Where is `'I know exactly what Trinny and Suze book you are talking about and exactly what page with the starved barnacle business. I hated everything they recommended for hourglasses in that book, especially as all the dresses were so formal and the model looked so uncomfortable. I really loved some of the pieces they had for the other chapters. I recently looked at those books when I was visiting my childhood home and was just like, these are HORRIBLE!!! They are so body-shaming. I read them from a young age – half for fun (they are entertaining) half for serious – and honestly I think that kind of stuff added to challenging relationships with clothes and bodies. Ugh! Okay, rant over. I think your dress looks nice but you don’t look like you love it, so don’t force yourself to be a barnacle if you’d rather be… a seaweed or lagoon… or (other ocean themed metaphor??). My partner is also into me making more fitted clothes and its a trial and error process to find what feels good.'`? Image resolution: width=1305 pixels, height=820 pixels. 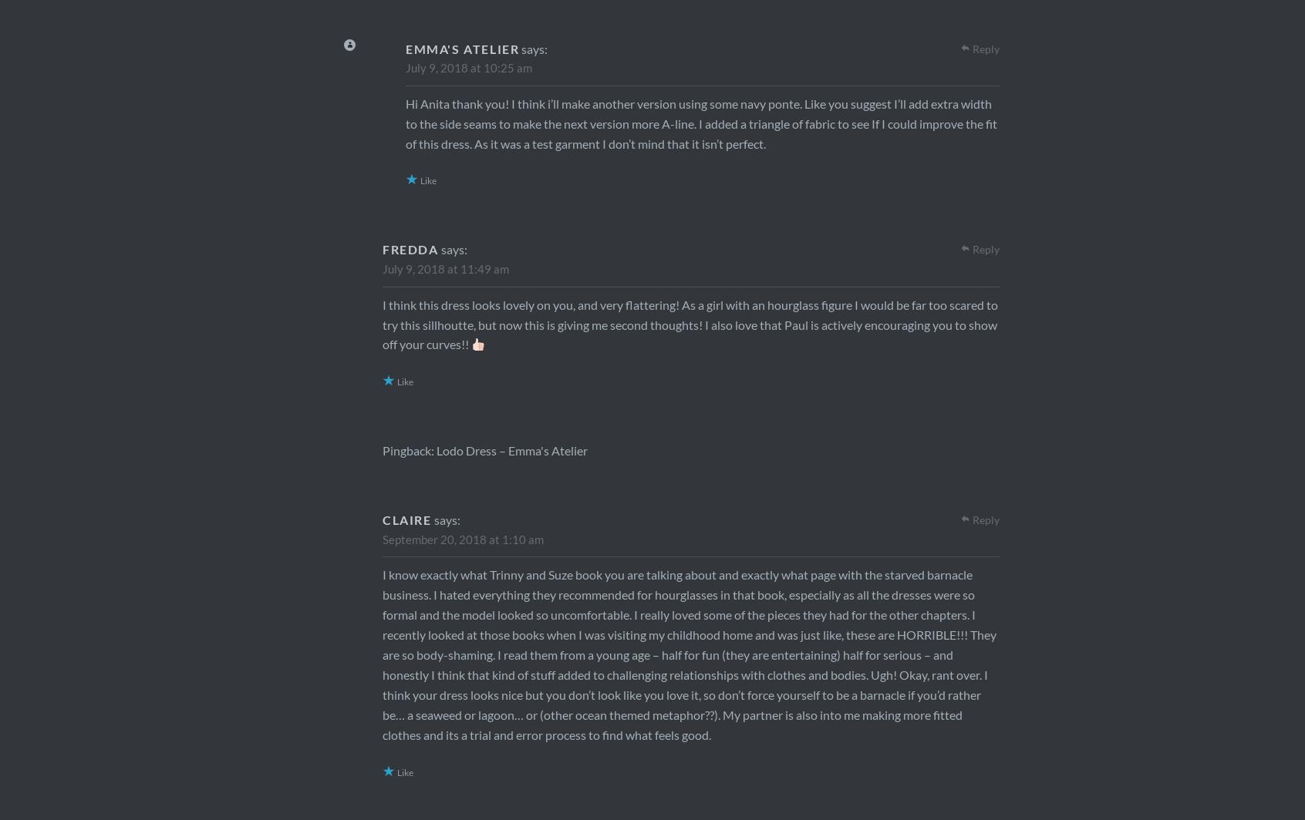 'I know exactly what Trinny and Suze book you are talking about and exactly what page with the starved barnacle business. I hated everything they recommended for hourglasses in that book, especially as all the dresses were so formal and the model looked so uncomfortable. I really loved some of the pieces they had for the other chapters. I recently looked at those books when I was visiting my childhood home and was just like, these are HORRIBLE!!! They are so body-shaming. I read them from a young age – half for fun (they are entertaining) half for serious – and honestly I think that kind of stuff added to challenging relationships with clothes and bodies. Ugh! Okay, rant over. I think your dress looks nice but you don’t look like you love it, so don’t force yourself to be a barnacle if you’d rather be… a seaweed or lagoon… or (other ocean themed metaphor??). My partner is also into me making more fitted clothes and its a trial and error process to find what feels good.' is located at coordinates (689, 654).